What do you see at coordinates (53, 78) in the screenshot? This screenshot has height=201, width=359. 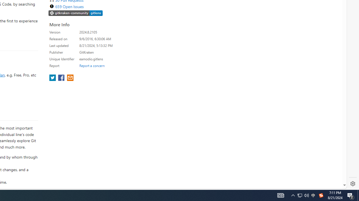 I see `'share extension on twitter'` at bounding box center [53, 78].